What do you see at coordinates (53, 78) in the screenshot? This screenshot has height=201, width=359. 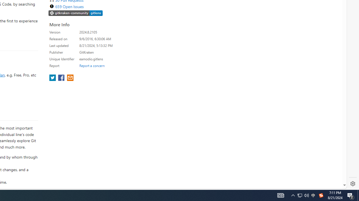 I see `'share extension on twitter'` at bounding box center [53, 78].